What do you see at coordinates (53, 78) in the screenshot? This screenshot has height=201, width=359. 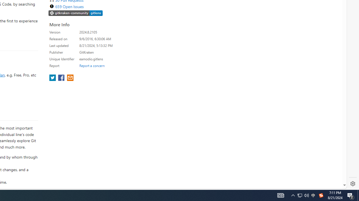 I see `'share extension on twitter'` at bounding box center [53, 78].